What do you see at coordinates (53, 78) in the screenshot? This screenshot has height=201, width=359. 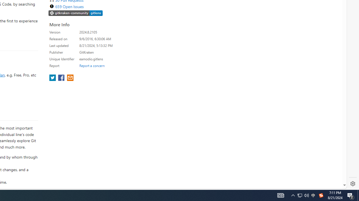 I see `'share extension on twitter'` at bounding box center [53, 78].